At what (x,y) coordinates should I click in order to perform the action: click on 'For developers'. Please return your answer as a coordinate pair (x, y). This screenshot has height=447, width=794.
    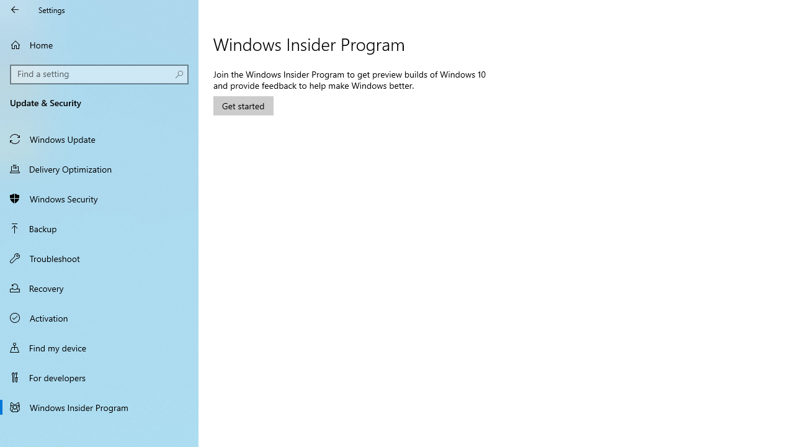
    Looking at the image, I should click on (99, 377).